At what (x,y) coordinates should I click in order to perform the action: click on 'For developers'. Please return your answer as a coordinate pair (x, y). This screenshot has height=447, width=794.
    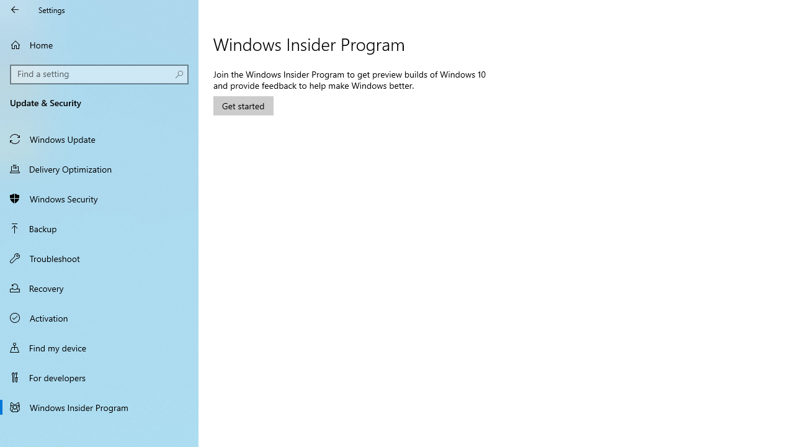
    Looking at the image, I should click on (99, 377).